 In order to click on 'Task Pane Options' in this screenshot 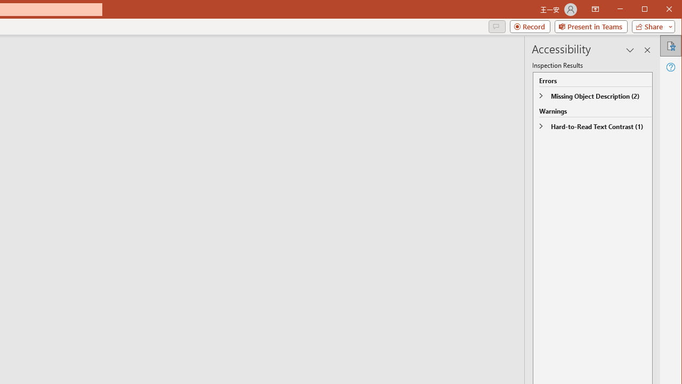, I will do `click(630, 50)`.